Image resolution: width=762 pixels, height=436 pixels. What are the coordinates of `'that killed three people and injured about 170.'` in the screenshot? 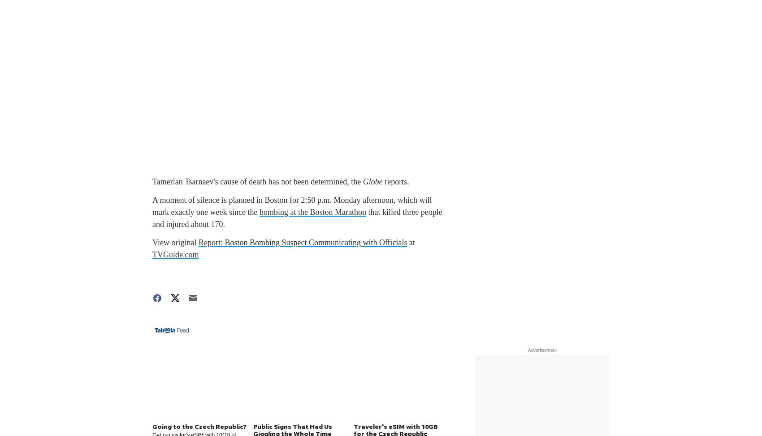 It's located at (297, 218).